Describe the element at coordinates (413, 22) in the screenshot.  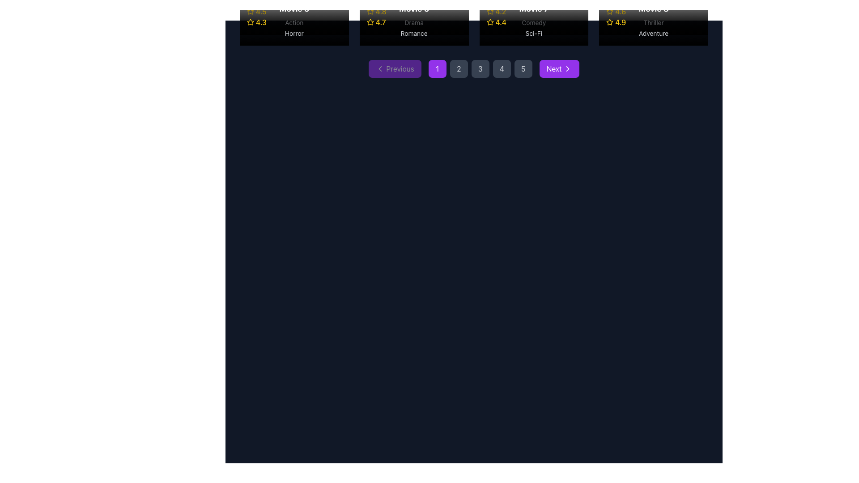
I see `the Rating display component that shows a yellow star icon and the text '4.7' in bold yellow font, positioned below 'Movie 6' and above the genre label 'Romance'` at that location.